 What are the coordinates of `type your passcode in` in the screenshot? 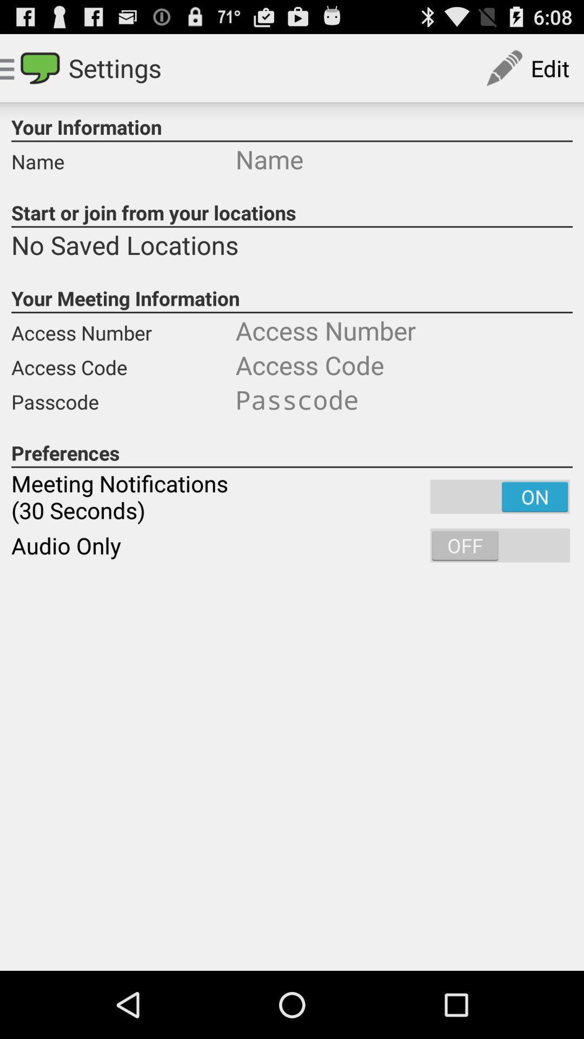 It's located at (404, 399).